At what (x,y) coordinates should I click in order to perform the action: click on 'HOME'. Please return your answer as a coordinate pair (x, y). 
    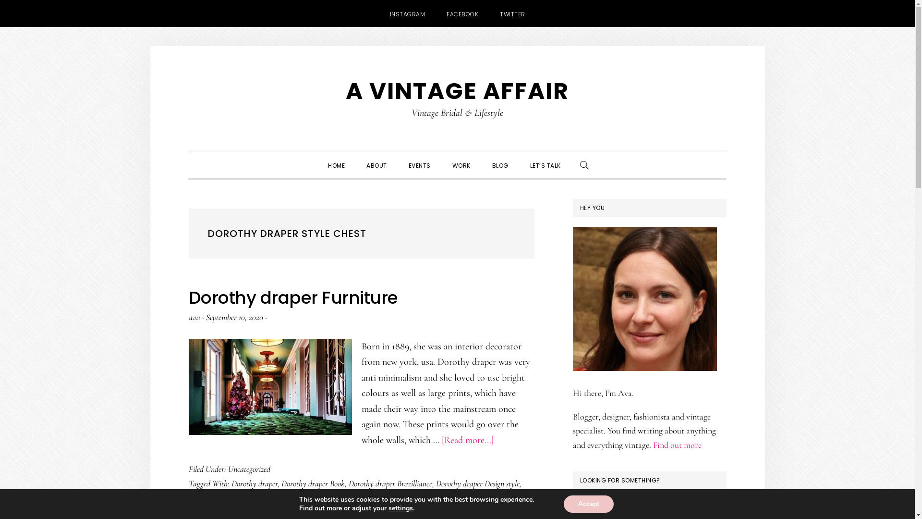
    Looking at the image, I should click on (336, 164).